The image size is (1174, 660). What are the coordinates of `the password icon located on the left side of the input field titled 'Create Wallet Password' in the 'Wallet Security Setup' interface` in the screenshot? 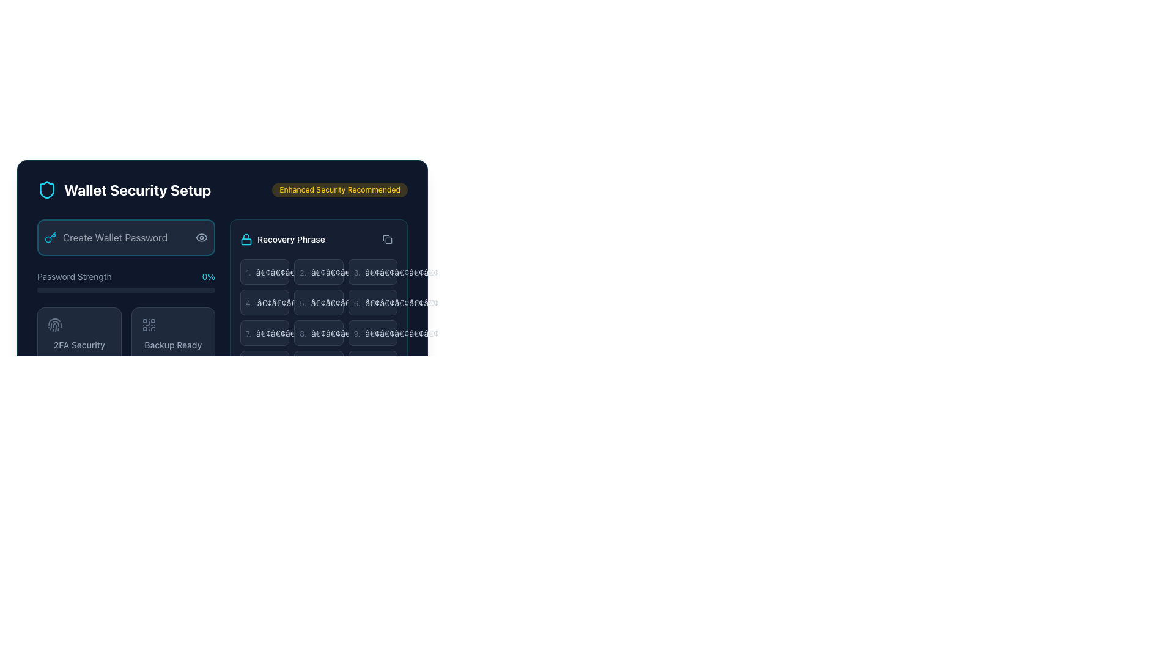 It's located at (46, 238).